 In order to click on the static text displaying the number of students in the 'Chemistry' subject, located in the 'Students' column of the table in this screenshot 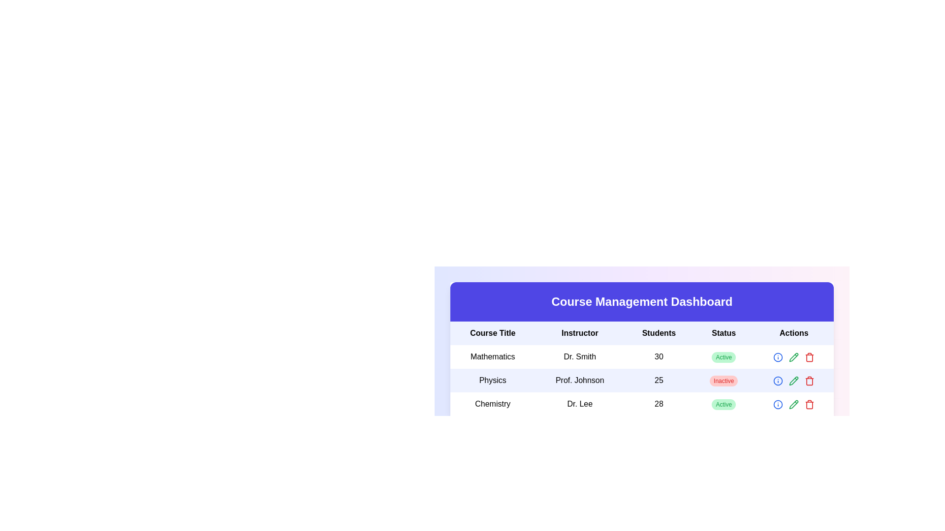, I will do `click(659, 404)`.